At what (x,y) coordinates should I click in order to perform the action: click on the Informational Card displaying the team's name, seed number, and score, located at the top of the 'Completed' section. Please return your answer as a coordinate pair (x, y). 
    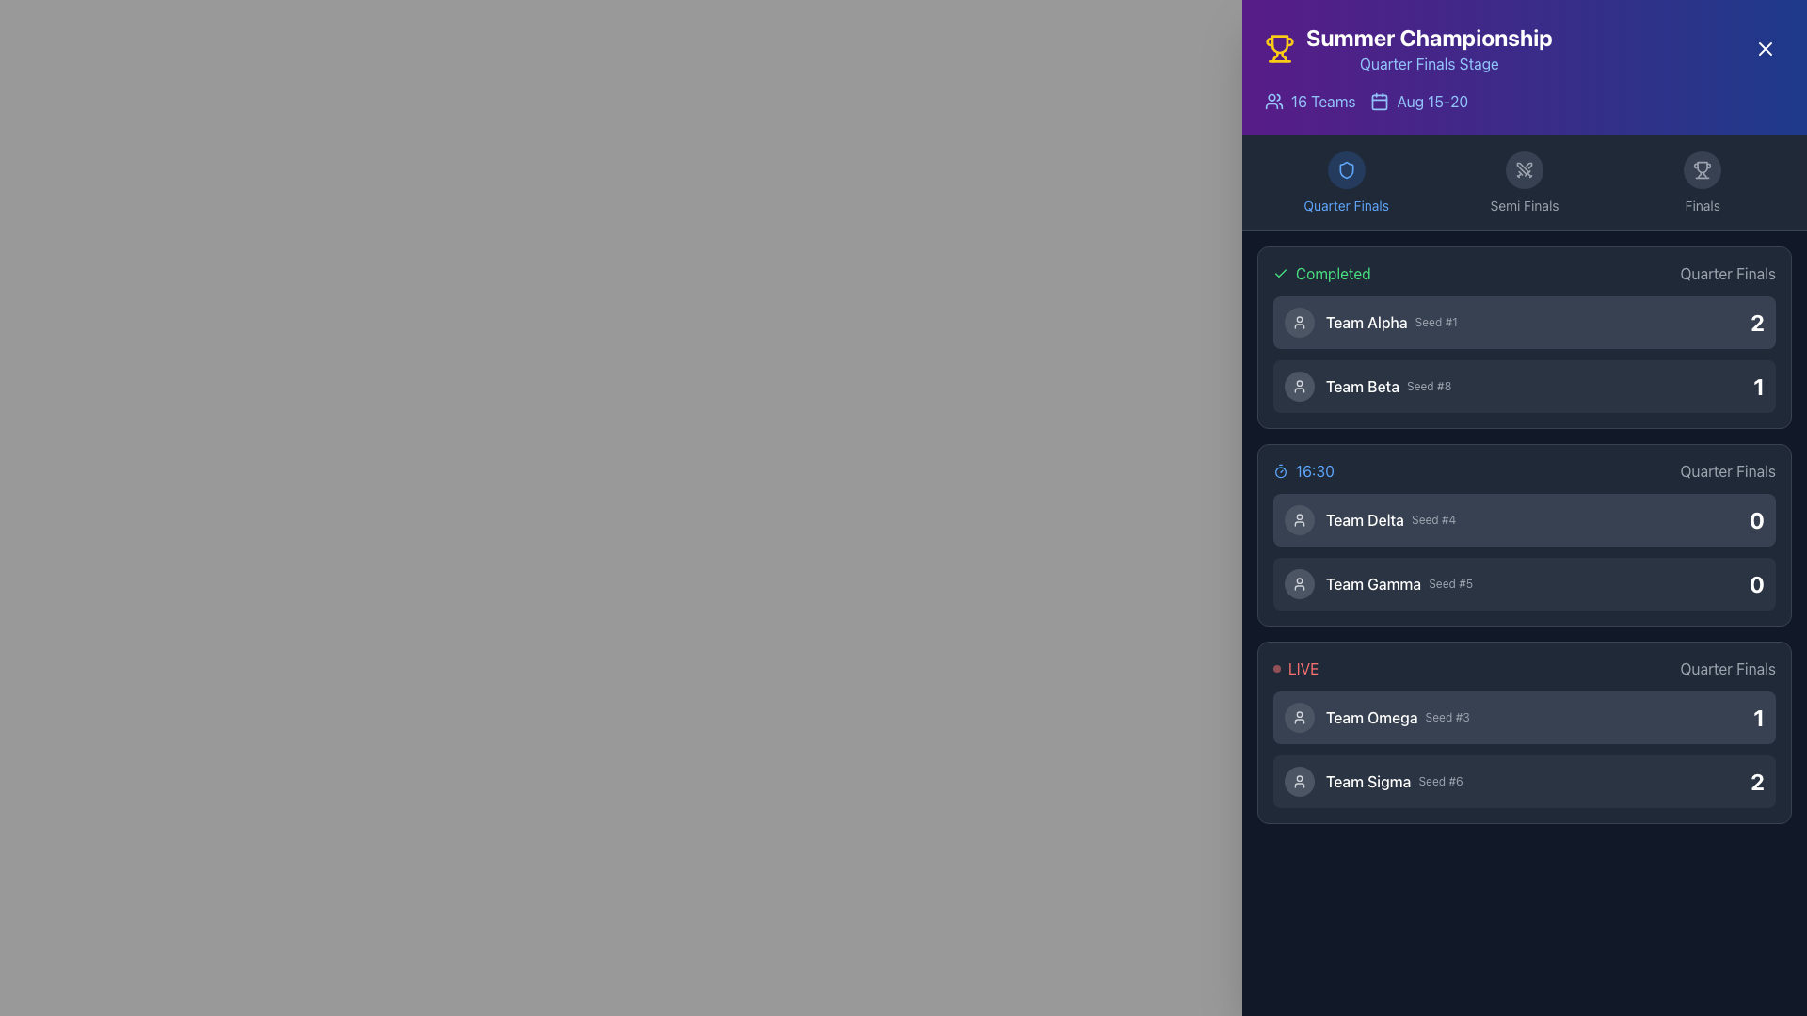
    Looking at the image, I should click on (1525, 322).